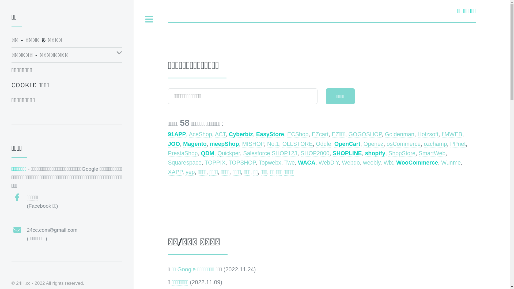 The width and height of the screenshot is (514, 289). Describe the element at coordinates (417, 162) in the screenshot. I see `'WooCommerce'` at that location.